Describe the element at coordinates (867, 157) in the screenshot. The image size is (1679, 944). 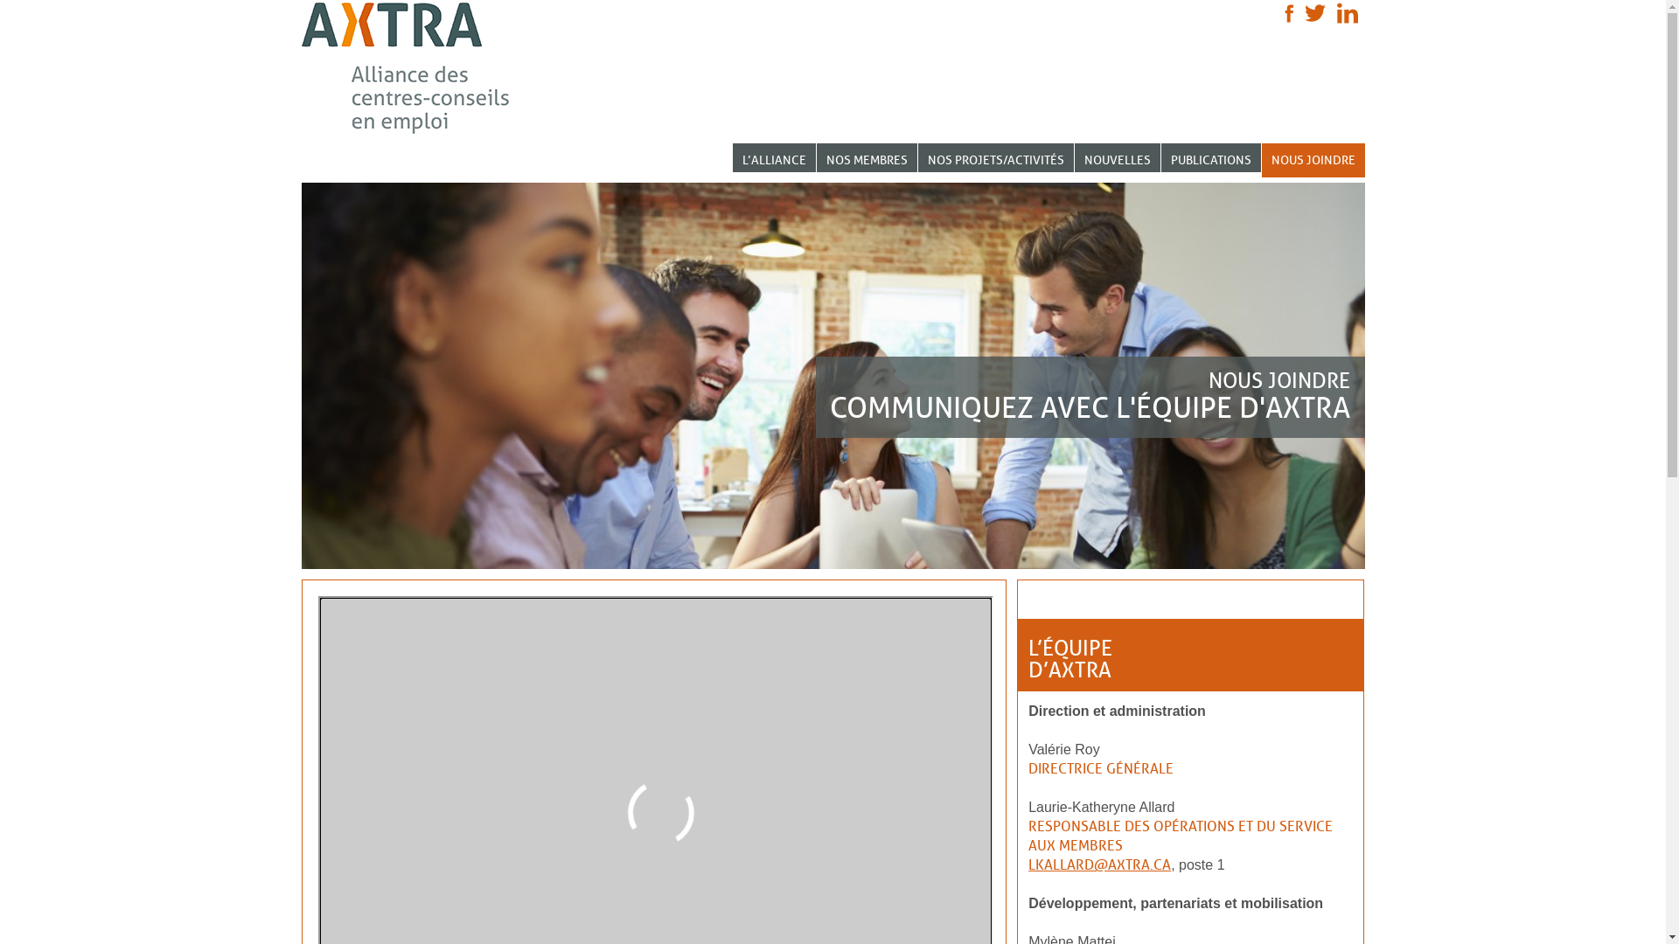
I see `'NOS MEMBRES'` at that location.